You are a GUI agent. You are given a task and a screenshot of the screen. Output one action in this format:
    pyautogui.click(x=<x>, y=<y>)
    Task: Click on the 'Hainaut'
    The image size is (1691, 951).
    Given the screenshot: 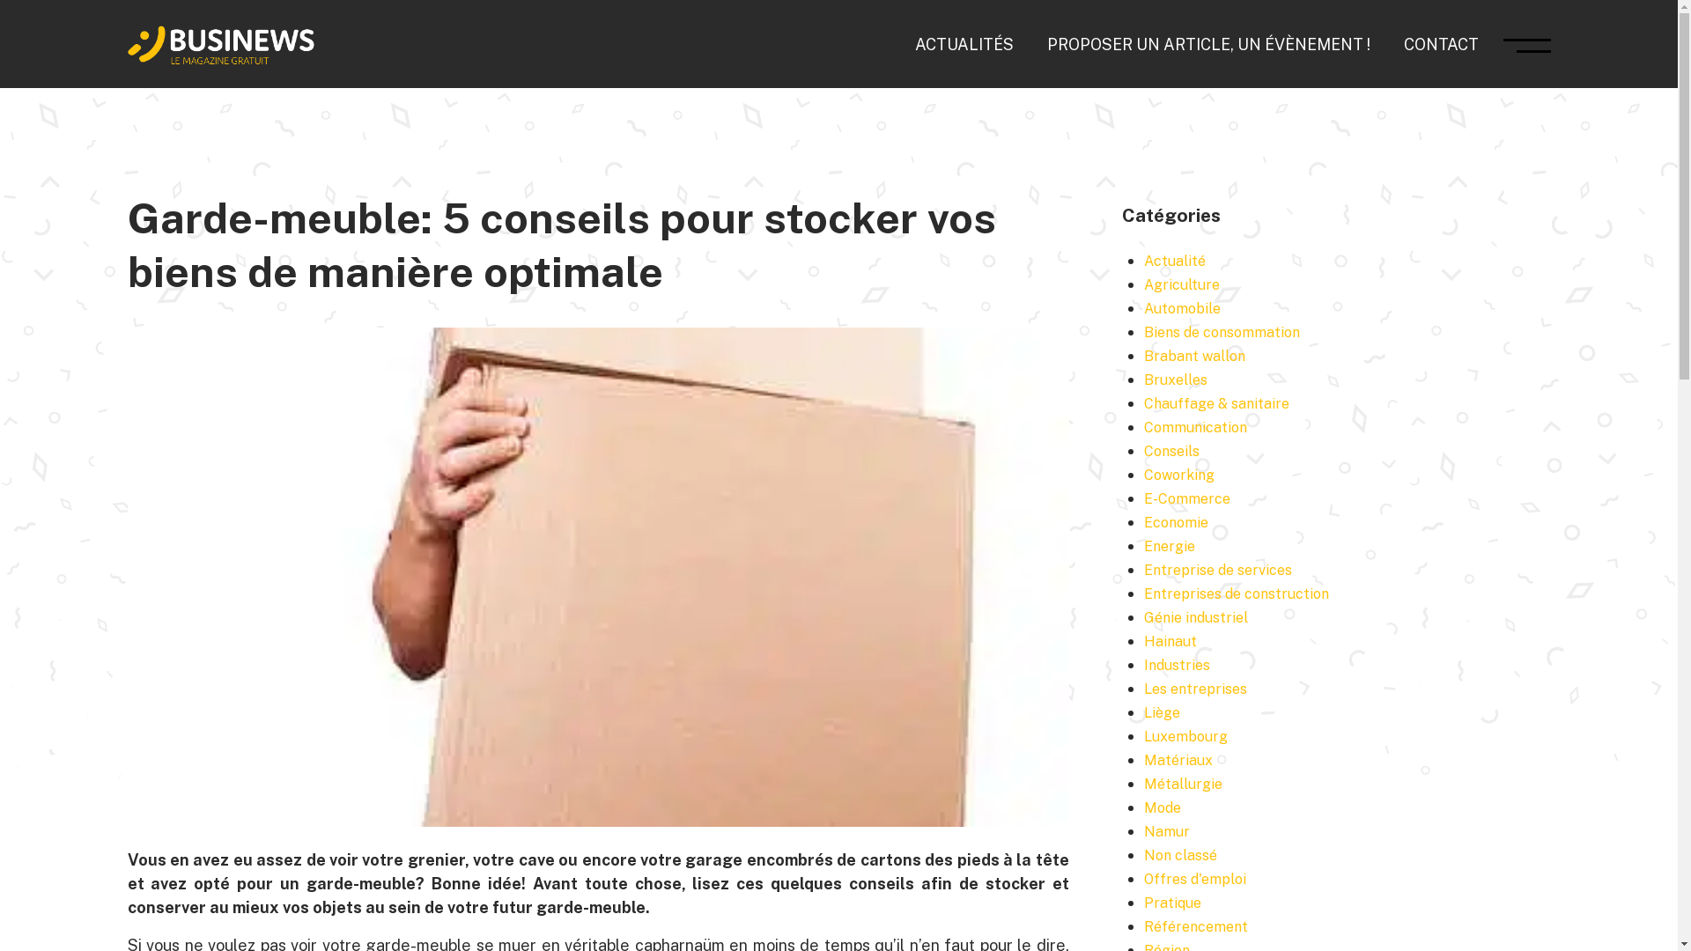 What is the action you would take?
    pyautogui.click(x=1170, y=641)
    